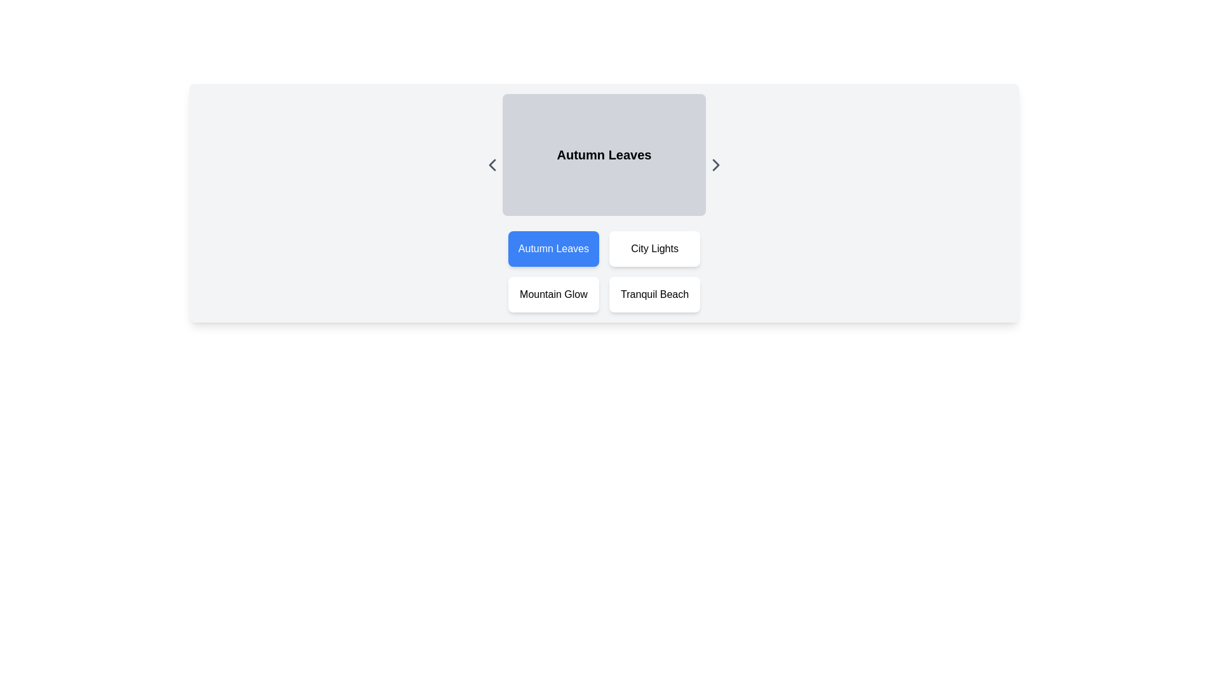 The image size is (1220, 686). What do you see at coordinates (491, 164) in the screenshot?
I see `the left arrow button in the SVG icon` at bounding box center [491, 164].